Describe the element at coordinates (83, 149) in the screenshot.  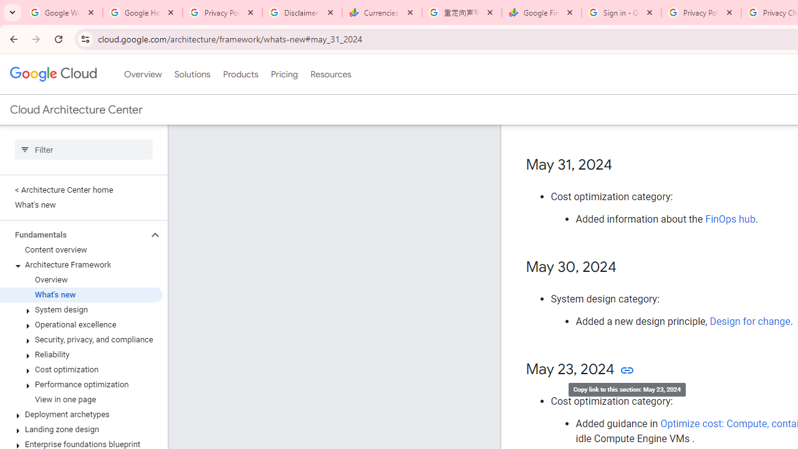
I see `'Type to filter'` at that location.